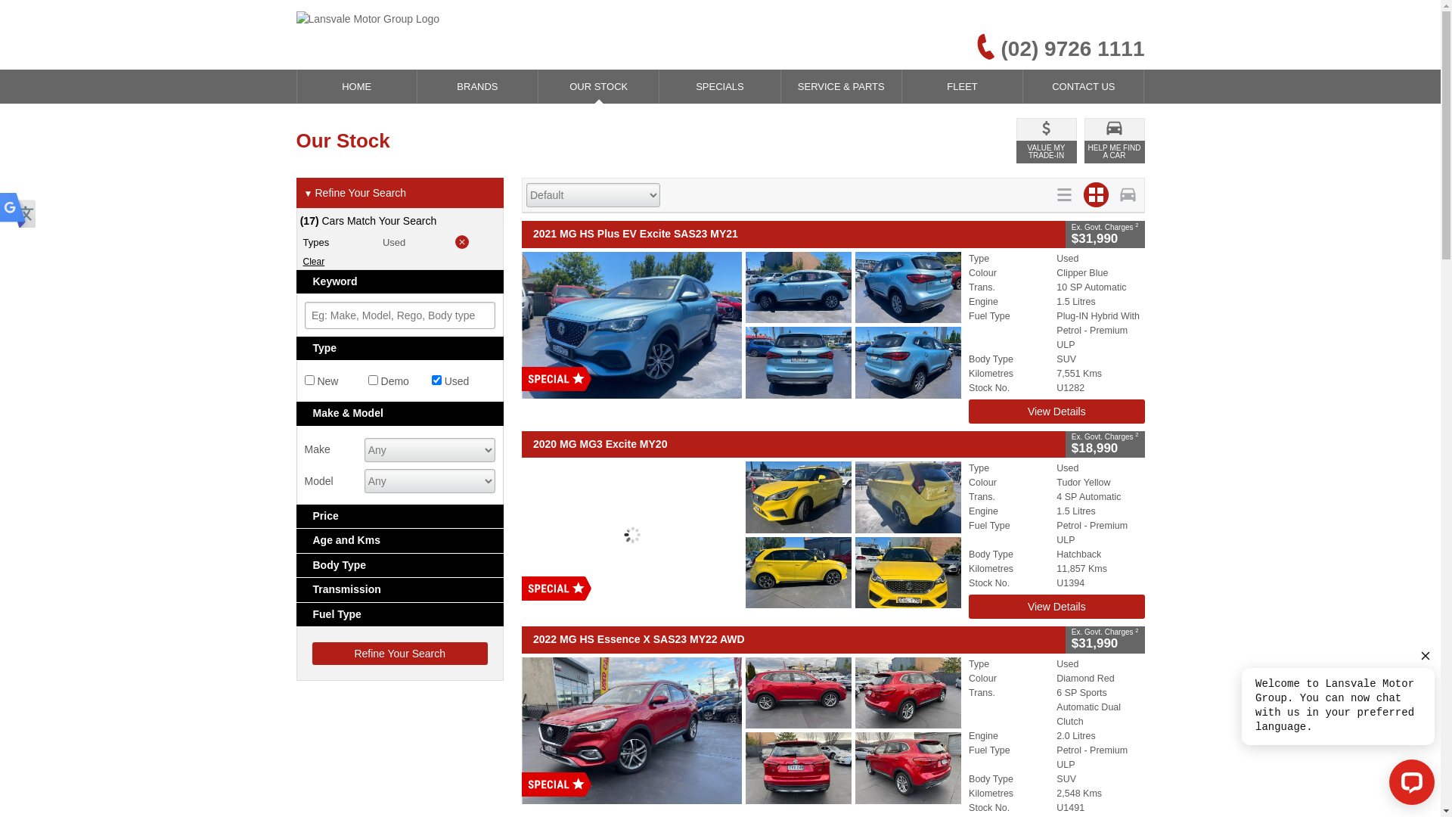  What do you see at coordinates (961, 86) in the screenshot?
I see `'FLEET'` at bounding box center [961, 86].